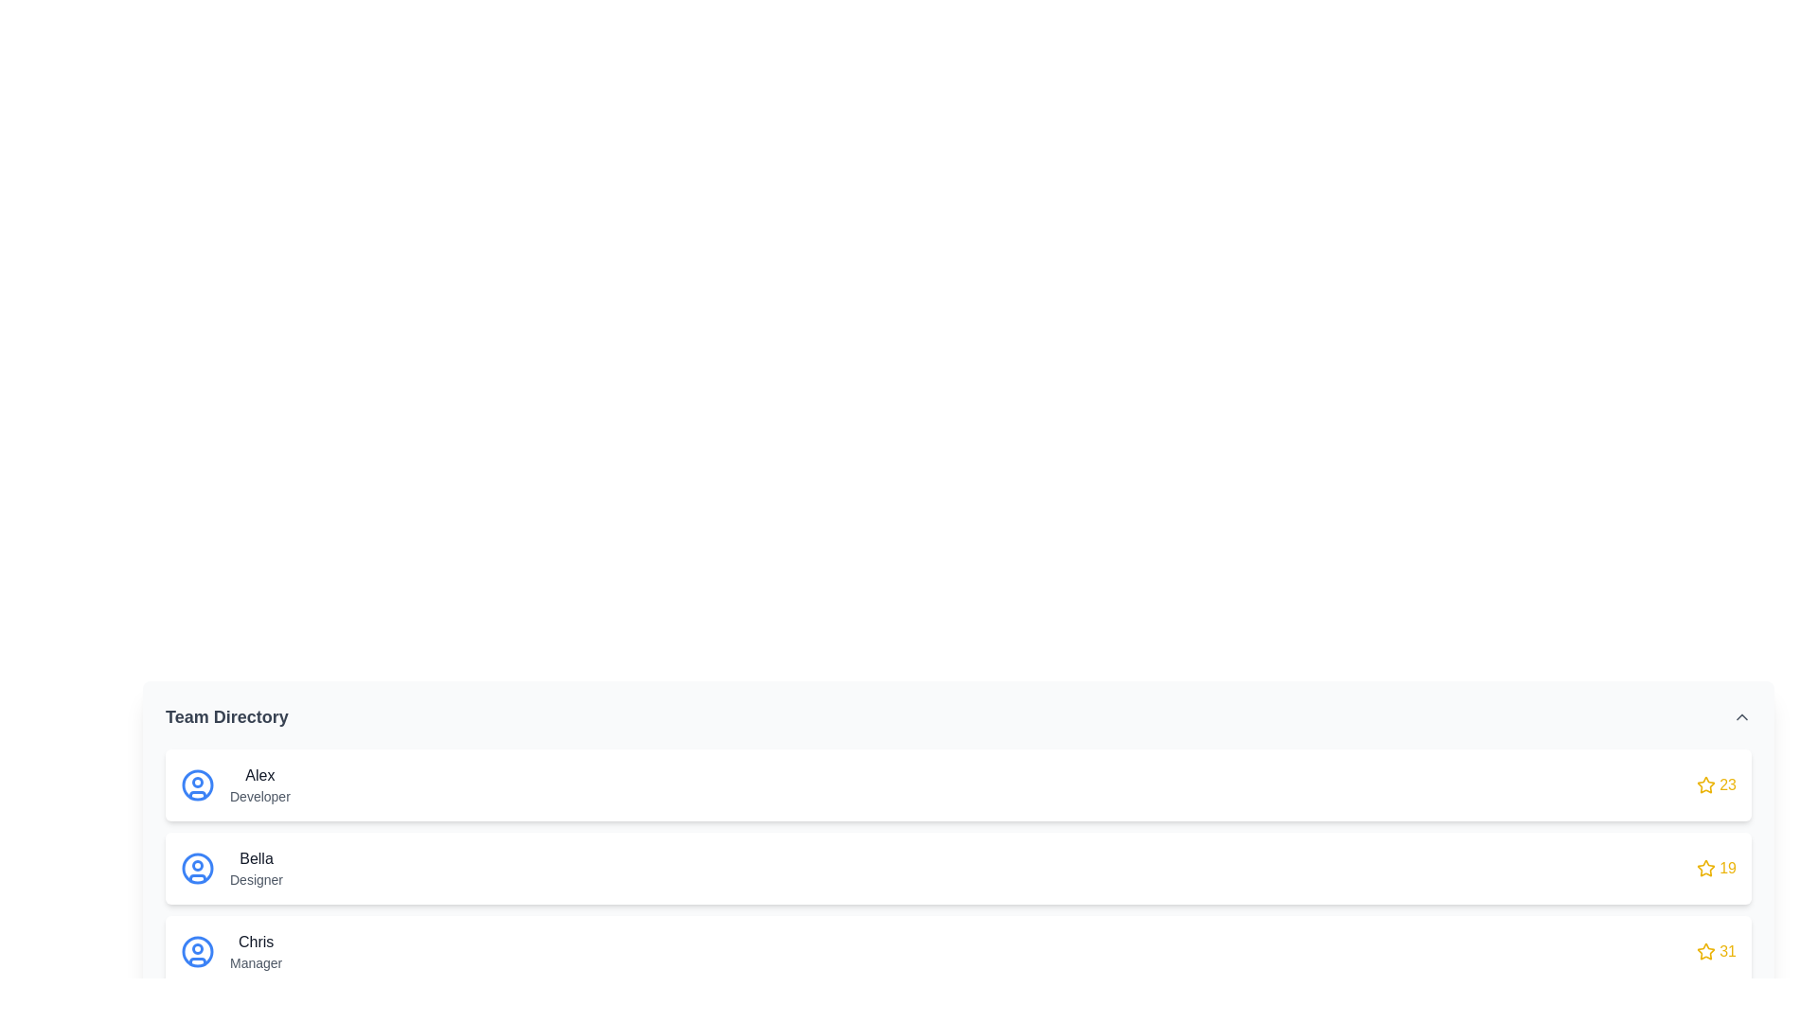  What do you see at coordinates (256, 858) in the screenshot?
I see `text displayed on the label indicating the name 'Bella', which is part of the second entry in the team directory list` at bounding box center [256, 858].